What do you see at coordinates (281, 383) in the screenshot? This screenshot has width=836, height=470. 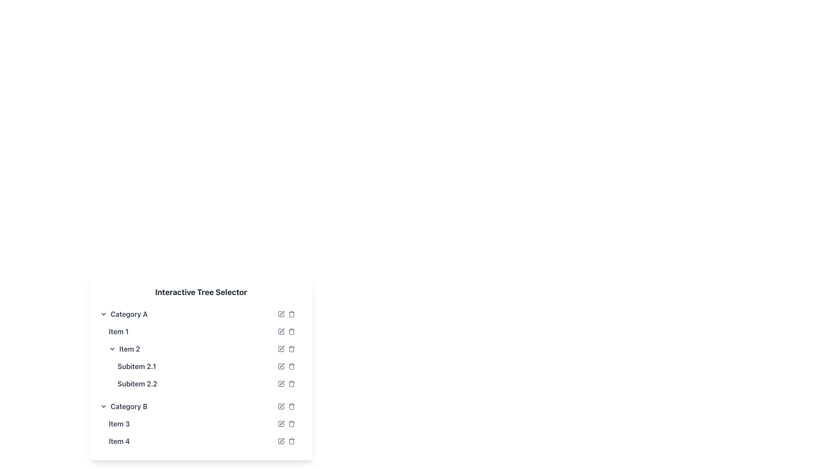 I see `the pencil icon button located to the right of the text 'Subitem 2.2' in the 'Interactive Tree Selector'` at bounding box center [281, 383].